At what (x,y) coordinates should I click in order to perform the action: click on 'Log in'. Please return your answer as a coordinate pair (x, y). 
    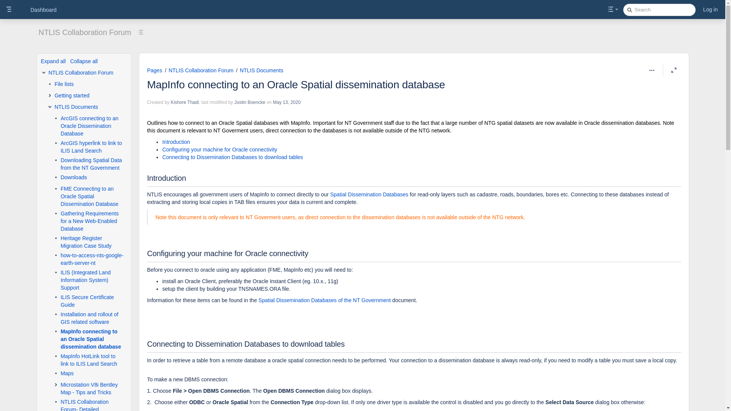
    Looking at the image, I should click on (701, 9).